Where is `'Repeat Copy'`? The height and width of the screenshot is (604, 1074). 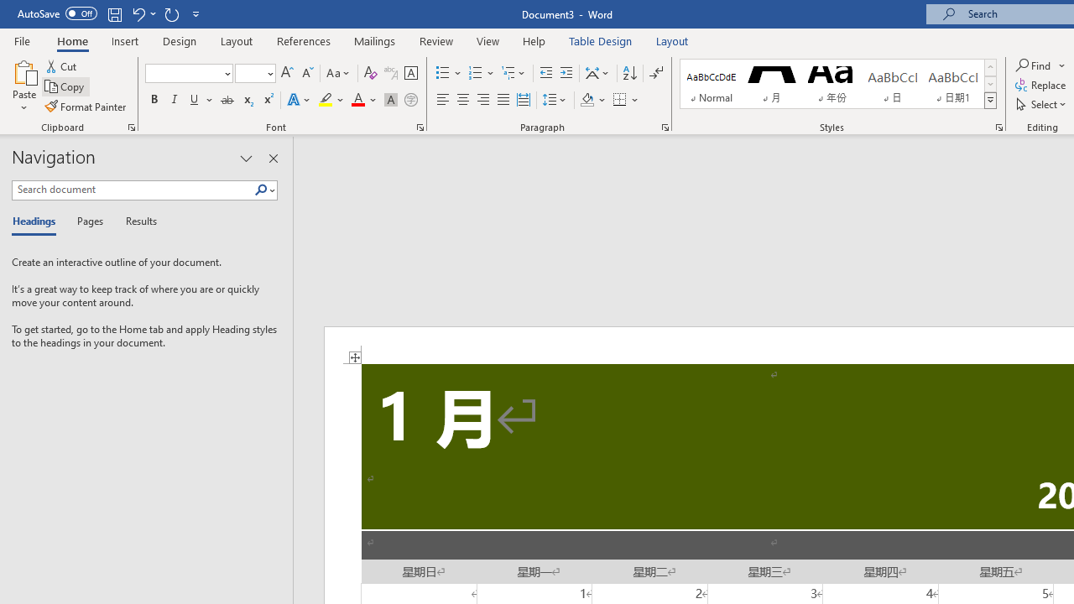 'Repeat Copy' is located at coordinates (171, 13).